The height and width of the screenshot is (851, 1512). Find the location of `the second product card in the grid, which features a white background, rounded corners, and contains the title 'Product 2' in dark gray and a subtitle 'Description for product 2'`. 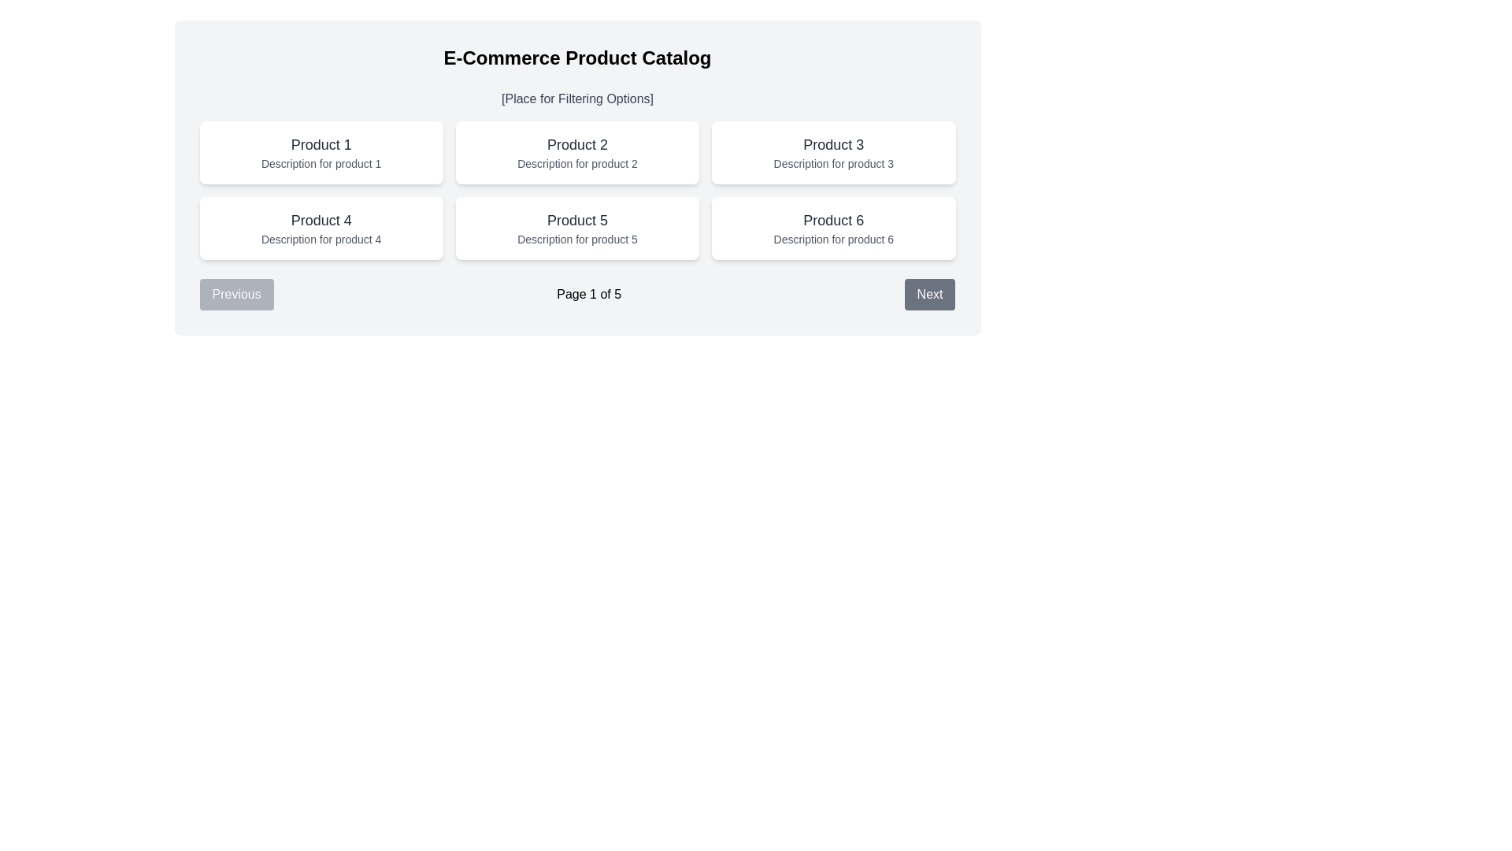

the second product card in the grid, which features a white background, rounded corners, and contains the title 'Product 2' in dark gray and a subtitle 'Description for product 2' is located at coordinates (576, 152).